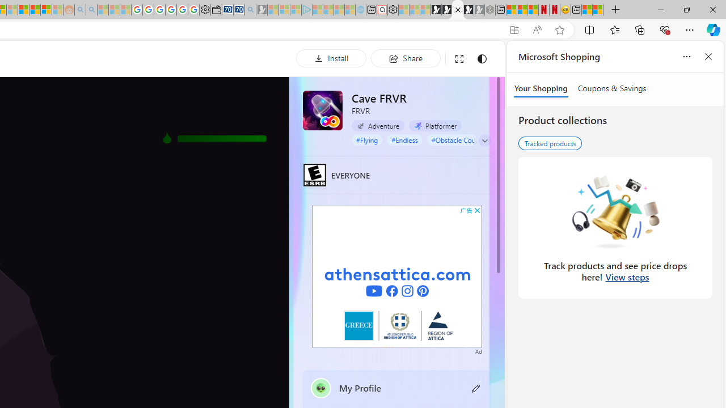 The image size is (726, 408). What do you see at coordinates (478, 350) in the screenshot?
I see `'Ad'` at bounding box center [478, 350].